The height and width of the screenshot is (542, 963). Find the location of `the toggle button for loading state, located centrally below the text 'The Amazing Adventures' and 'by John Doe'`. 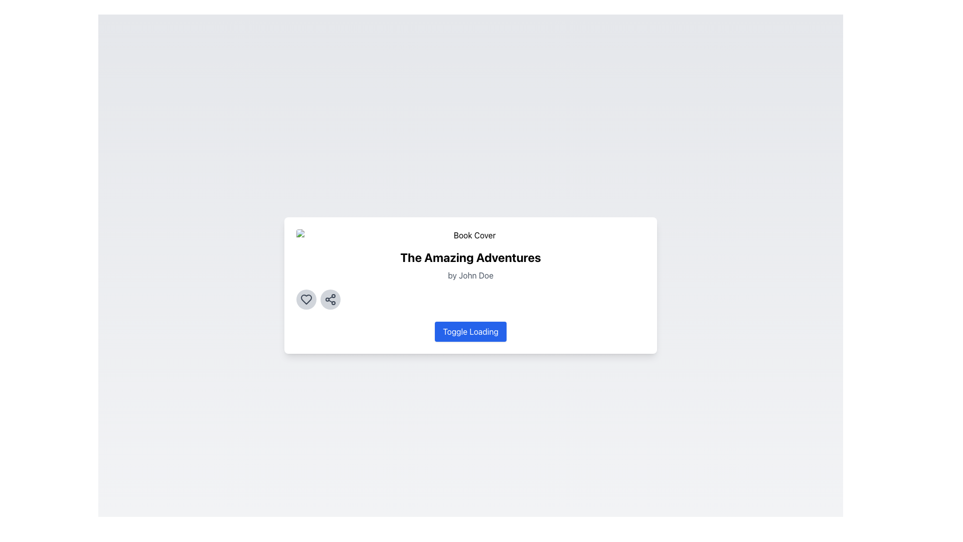

the toggle button for loading state, located centrally below the text 'The Amazing Adventures' and 'by John Doe' is located at coordinates (470, 331).